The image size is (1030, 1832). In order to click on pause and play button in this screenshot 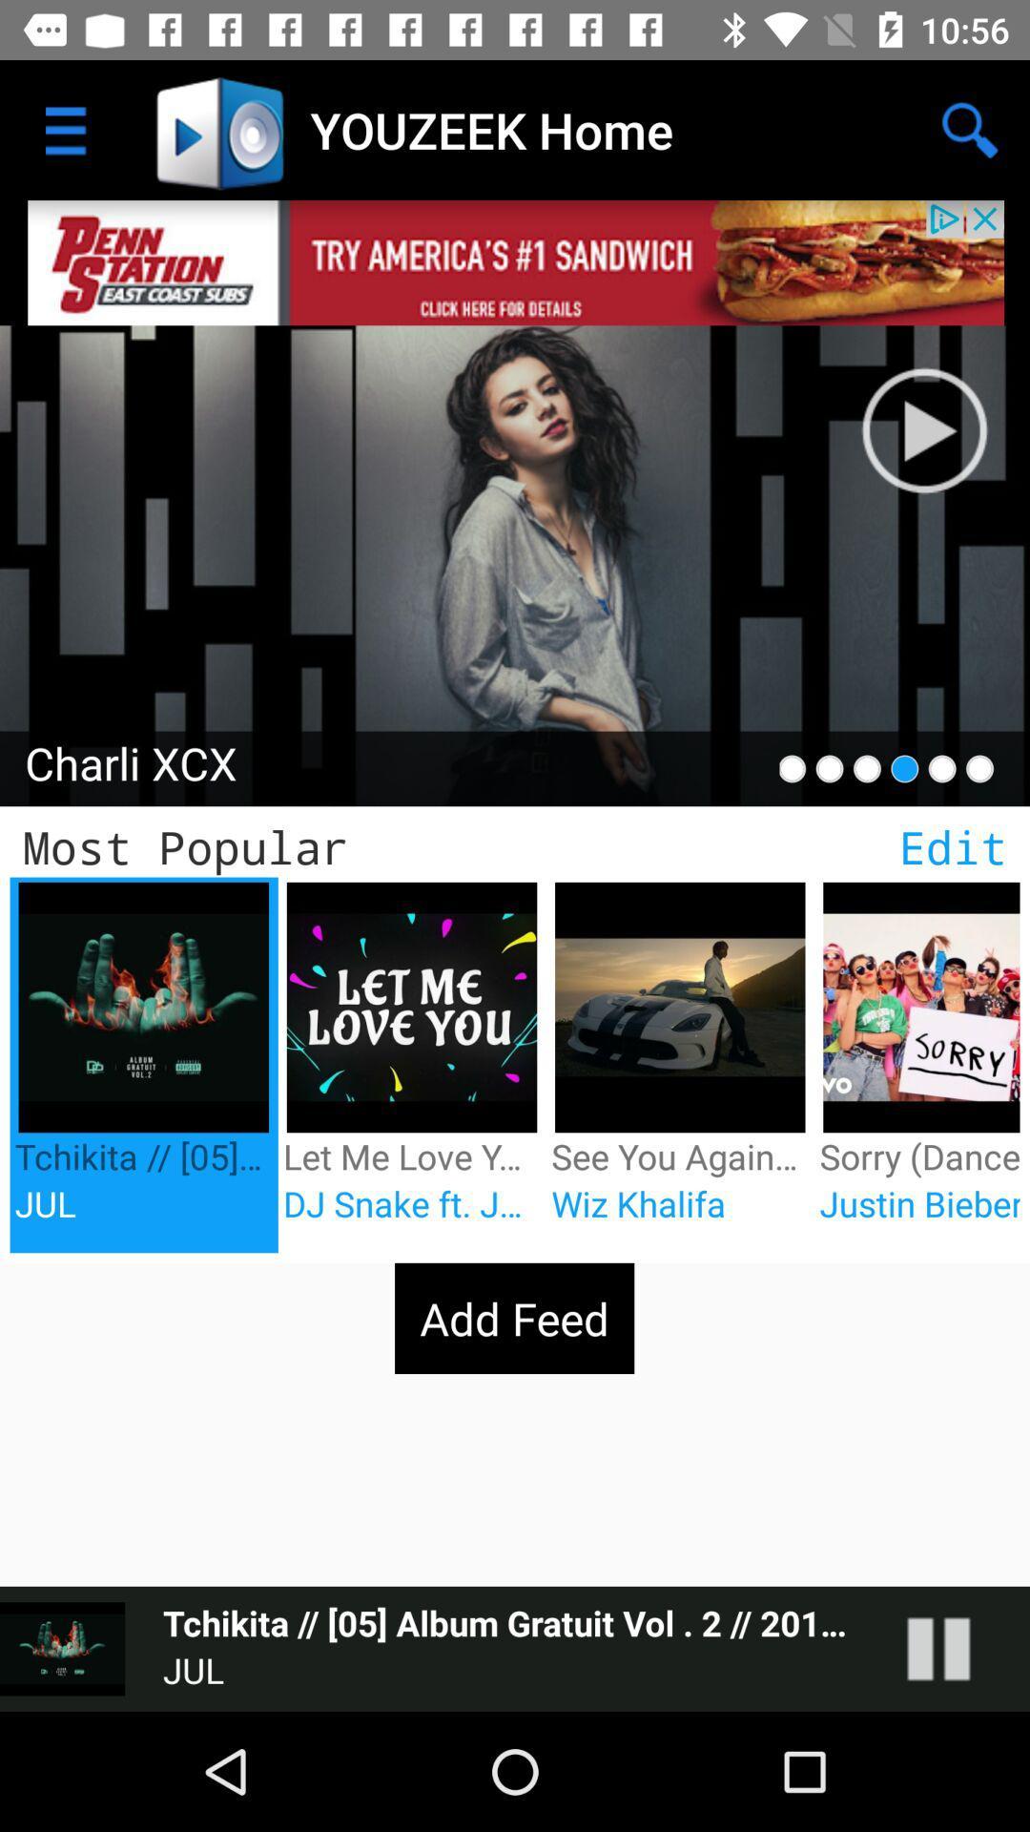, I will do `click(958, 1648)`.